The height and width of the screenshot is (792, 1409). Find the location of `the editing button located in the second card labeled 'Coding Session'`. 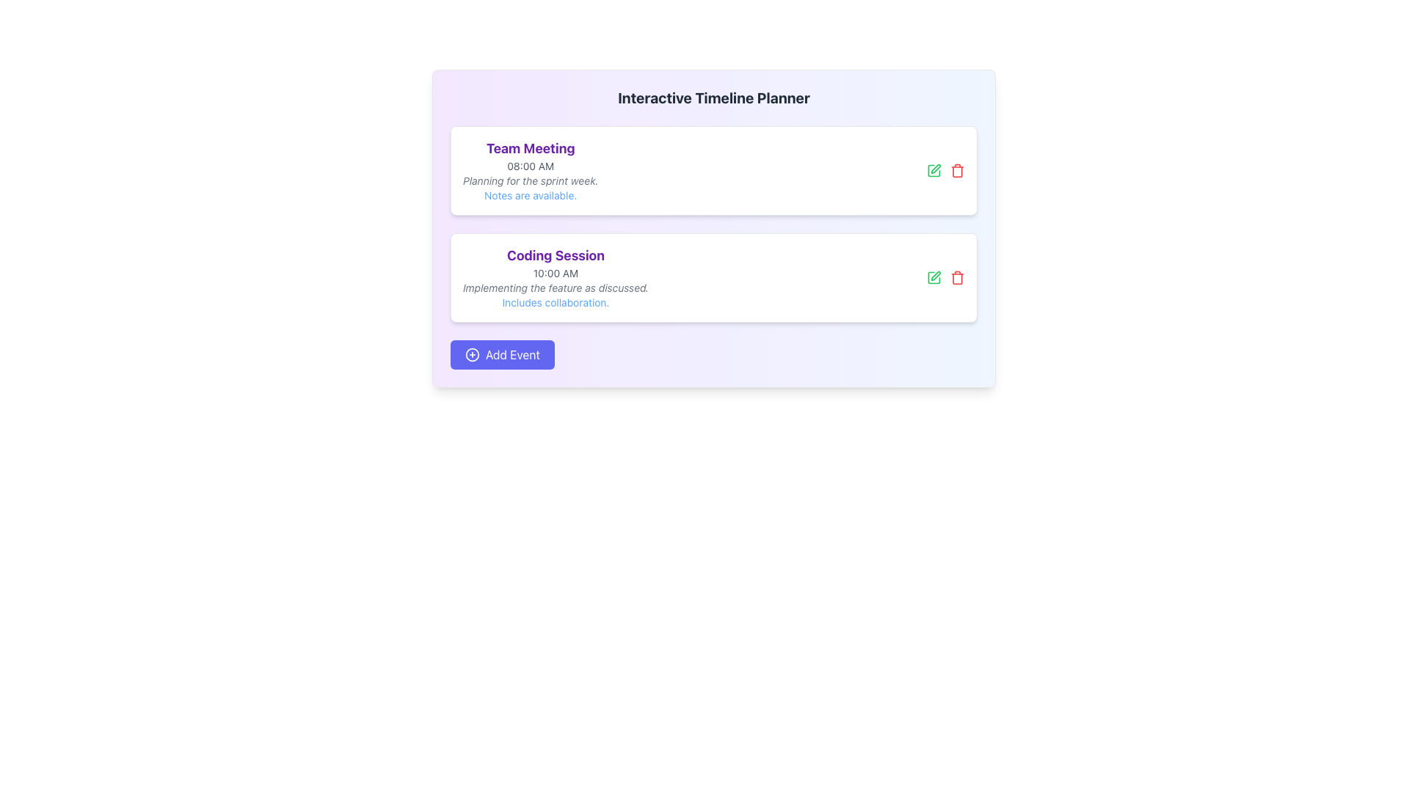

the editing button located in the second card labeled 'Coding Session' is located at coordinates (933, 277).